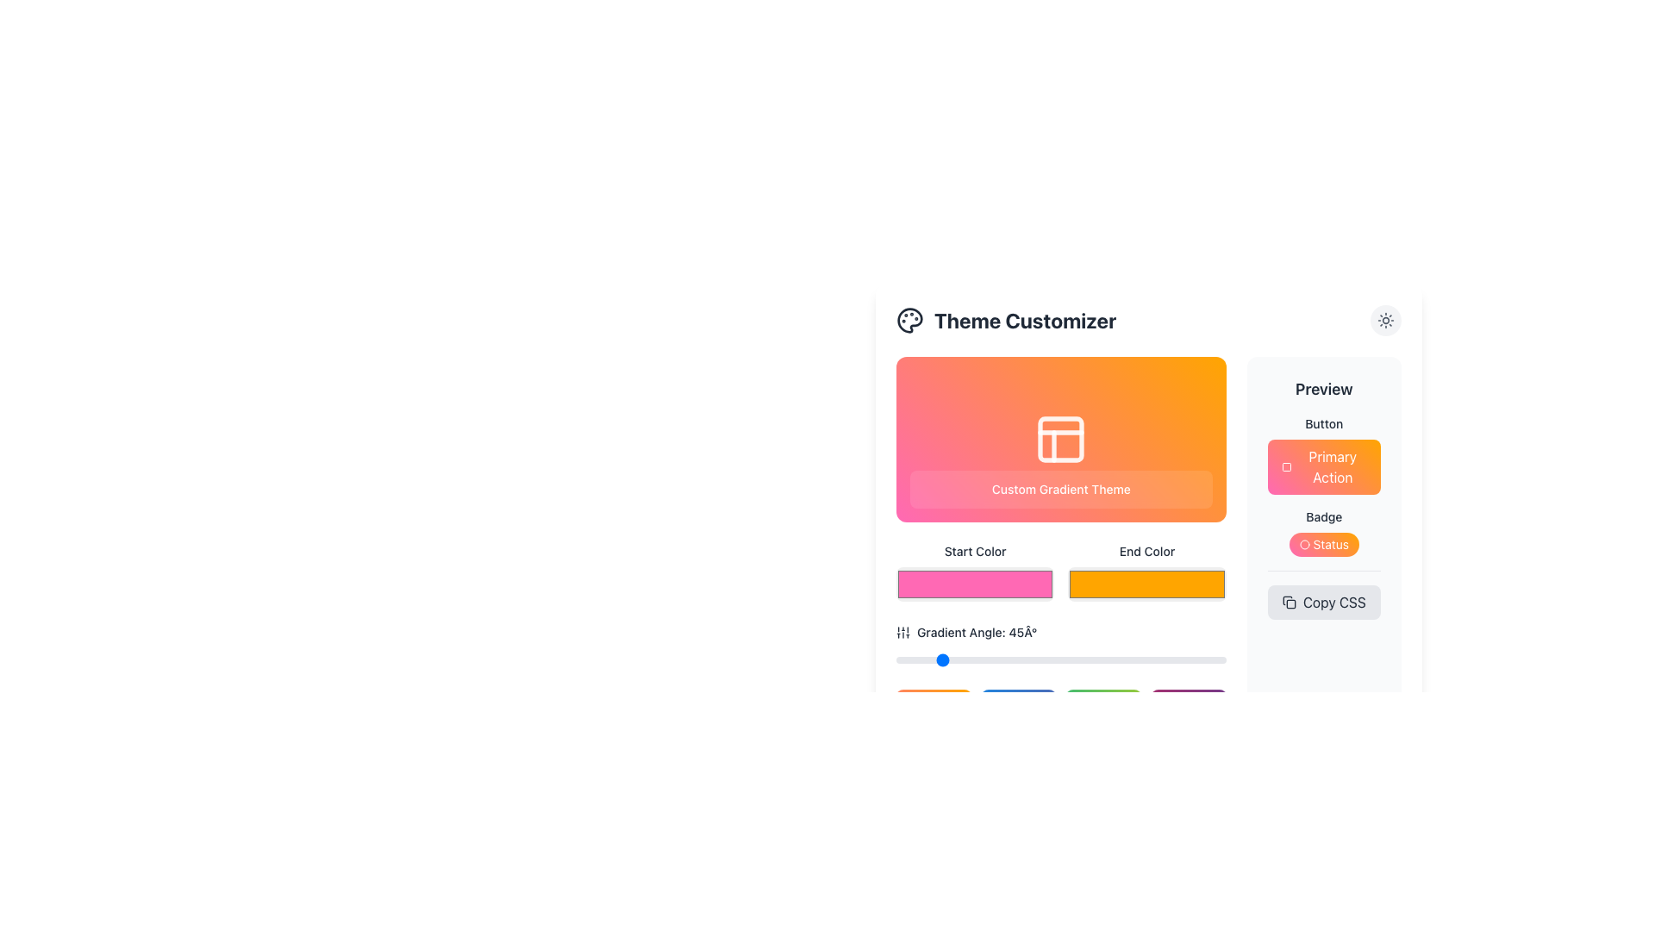 This screenshot has height=931, width=1655. I want to click on the text label displaying 'Custom Gradient Theme' with a translucent white background and rounded corners, so click(1060, 489).